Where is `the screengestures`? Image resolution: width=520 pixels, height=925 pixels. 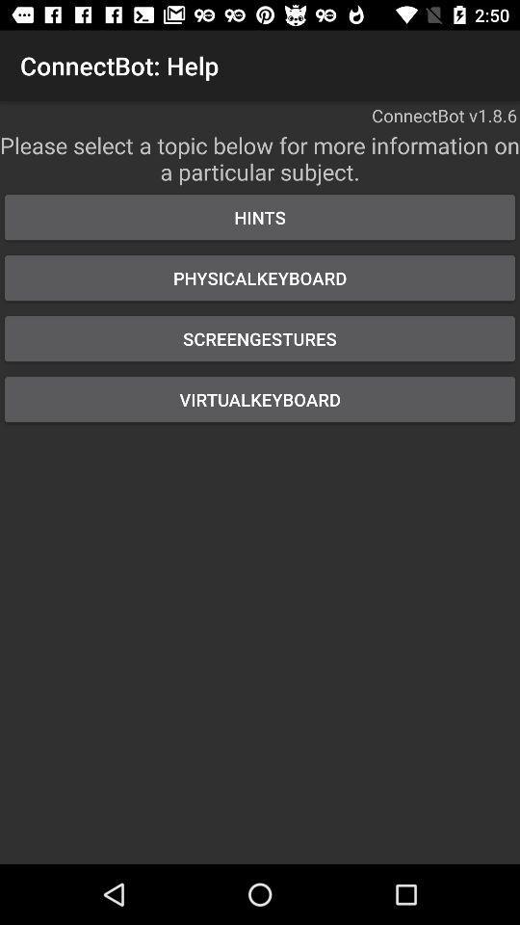 the screengestures is located at coordinates (260, 338).